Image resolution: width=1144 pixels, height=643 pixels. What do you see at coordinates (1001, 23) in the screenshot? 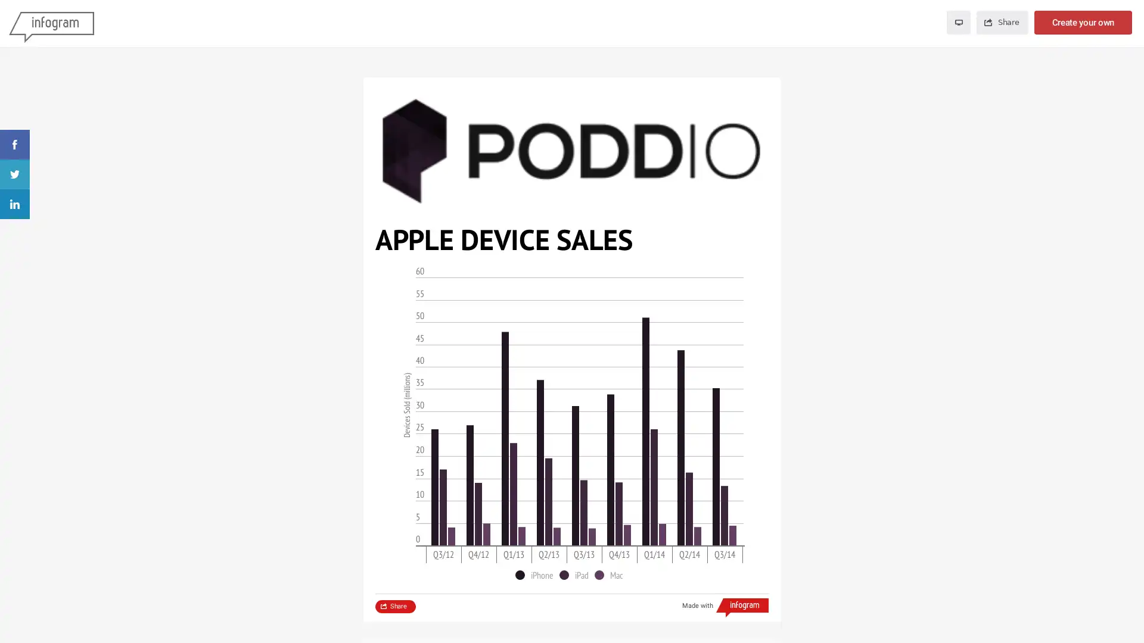
I see `Share` at bounding box center [1001, 23].